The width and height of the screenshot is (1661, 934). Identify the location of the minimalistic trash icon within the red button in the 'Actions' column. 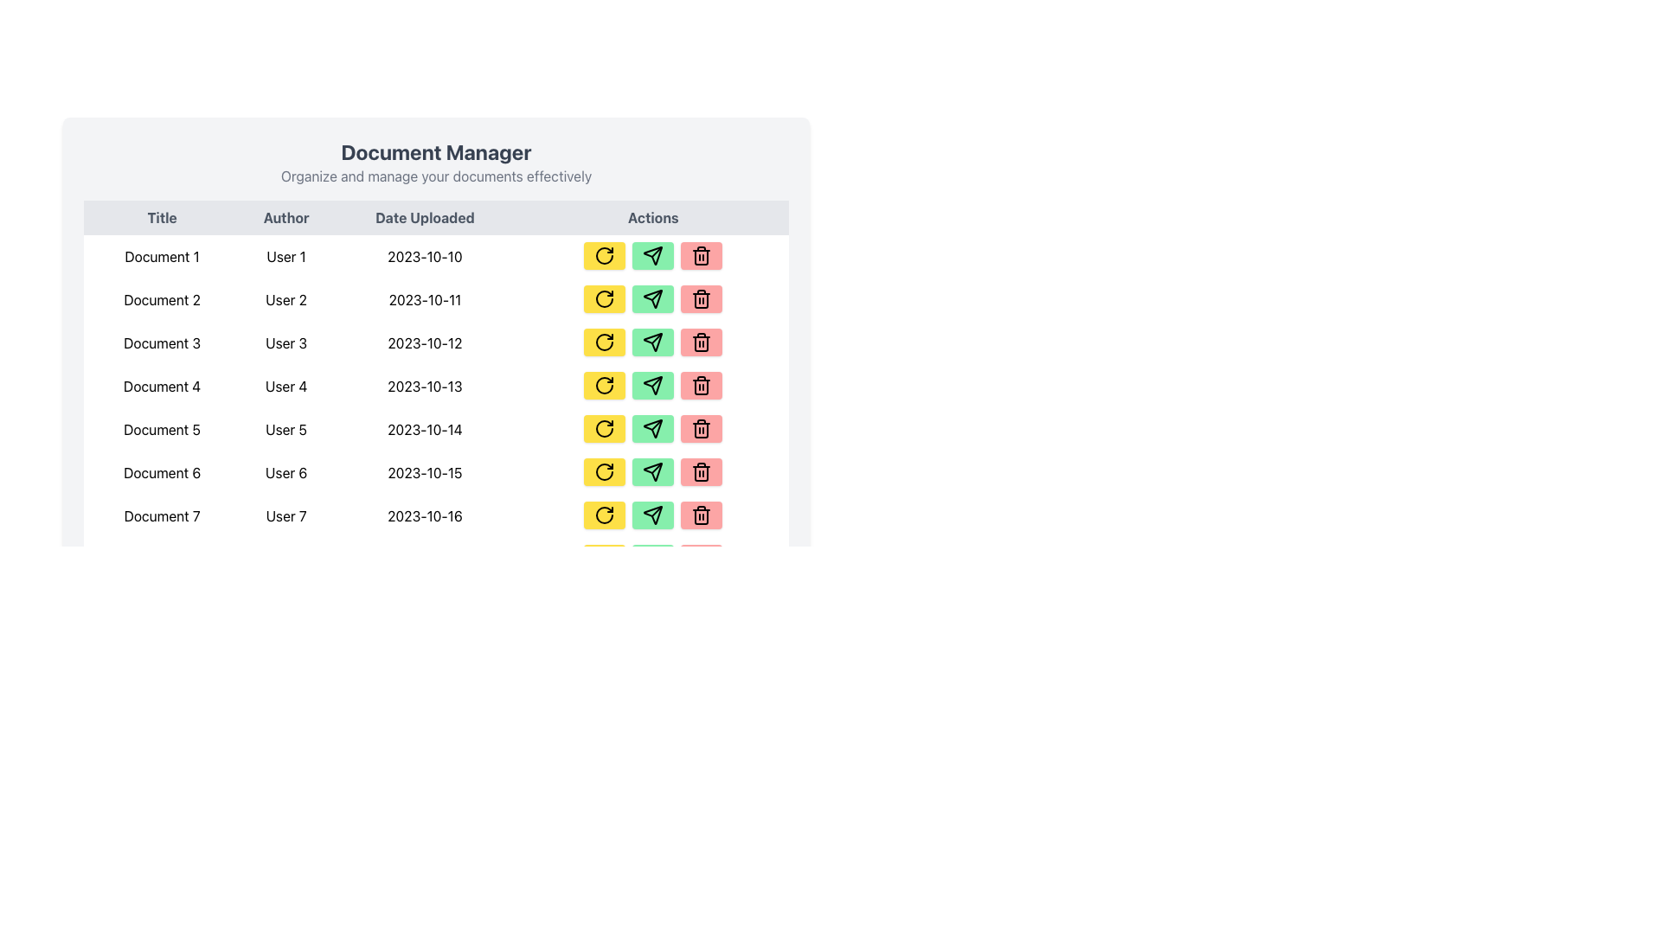
(702, 342).